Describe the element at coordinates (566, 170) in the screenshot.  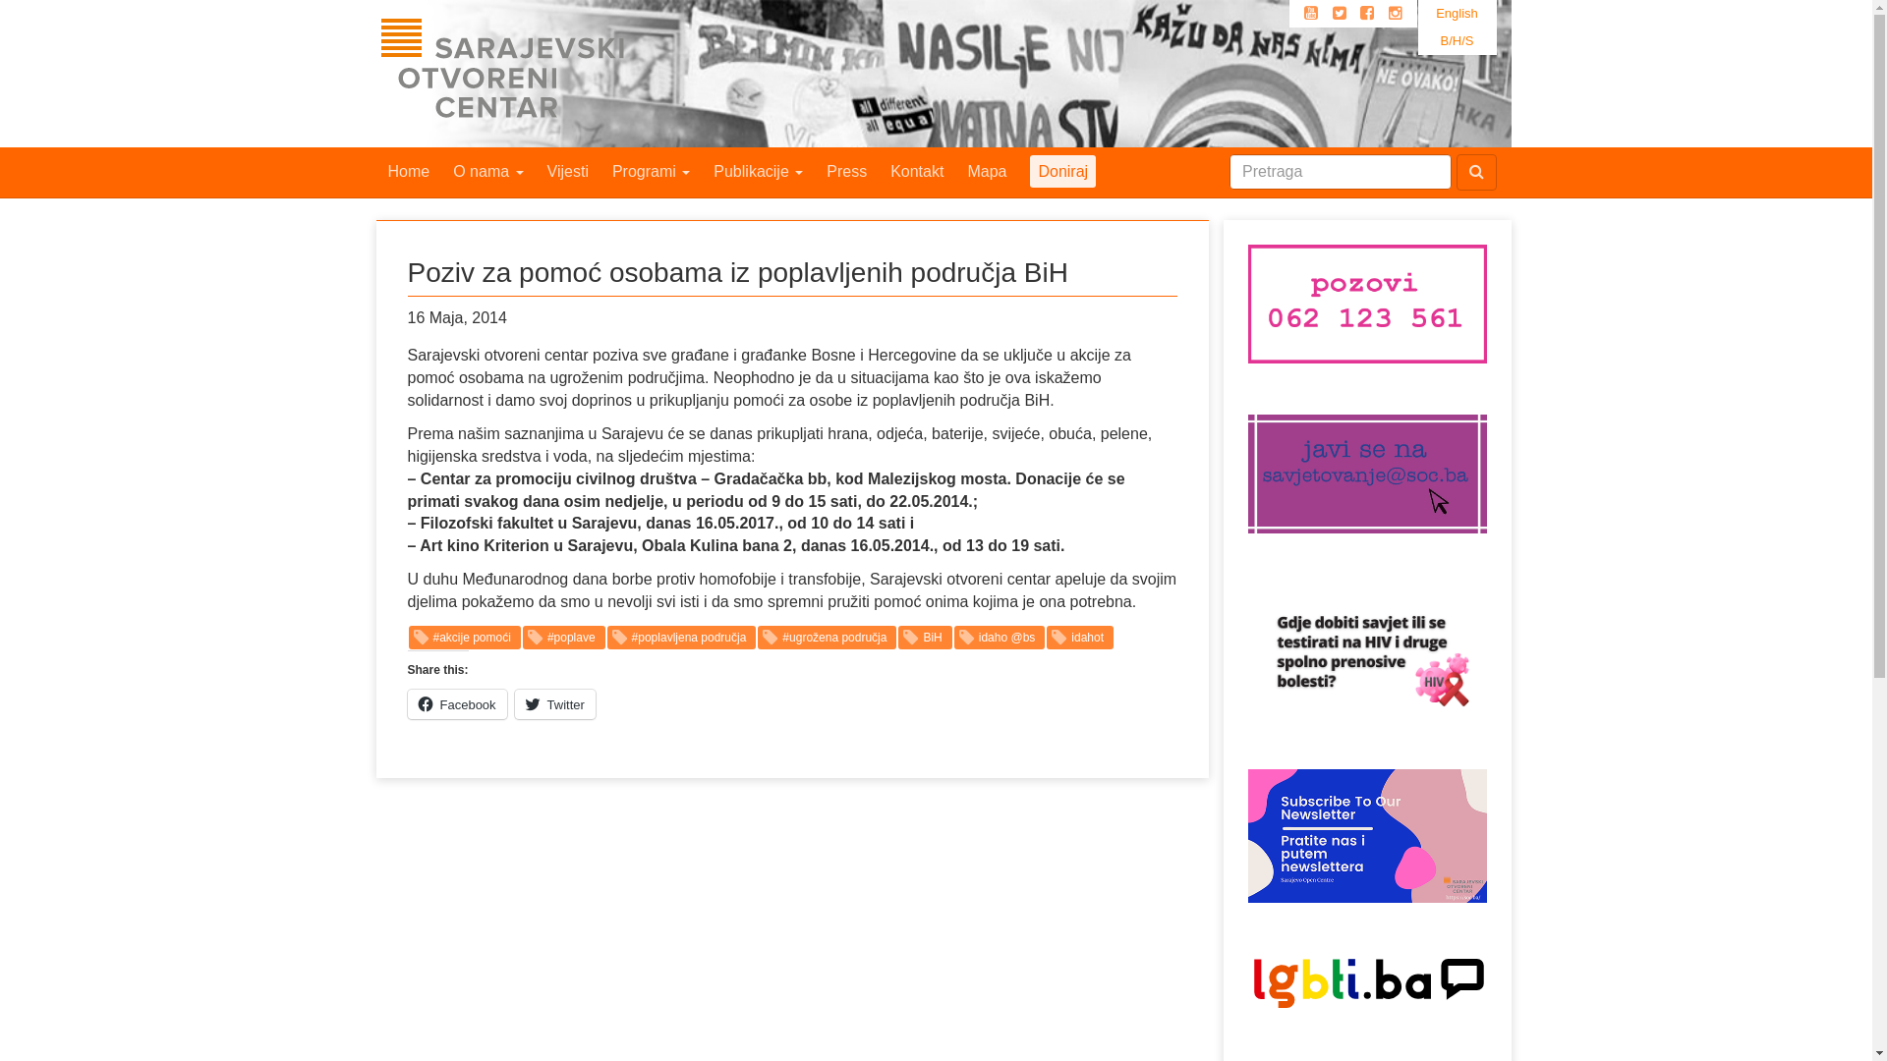
I see `'Vijesti'` at that location.